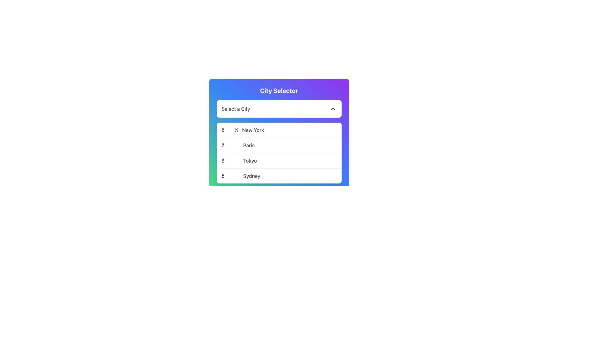 This screenshot has width=599, height=337. I want to click on the text label for the city option 'Paris' in the dropdown menu, so click(248, 145).